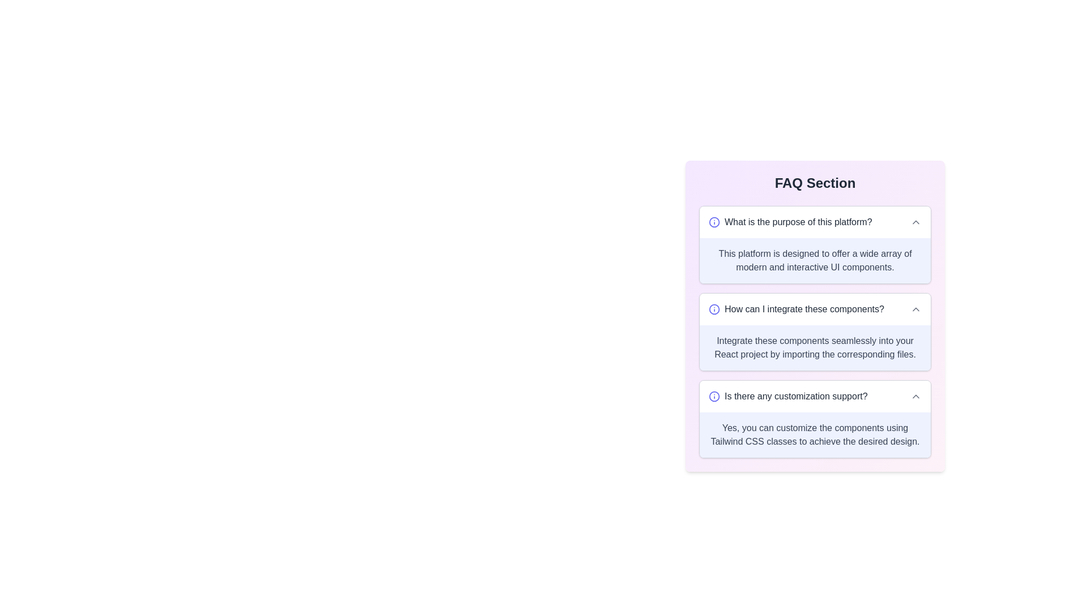 This screenshot has width=1087, height=611. I want to click on informative text block that answers the question 'Is there any customization support?' located in the FAQ section, specifically in the third panel, so click(815, 434).